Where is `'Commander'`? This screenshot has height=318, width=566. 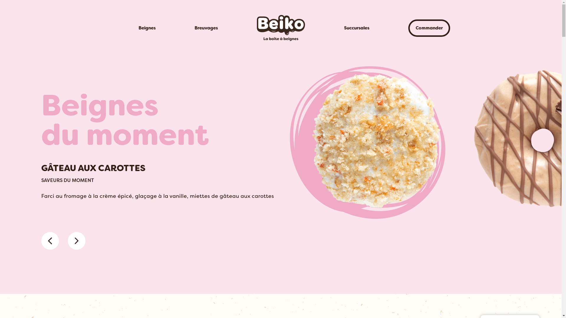 'Commander' is located at coordinates (429, 28).